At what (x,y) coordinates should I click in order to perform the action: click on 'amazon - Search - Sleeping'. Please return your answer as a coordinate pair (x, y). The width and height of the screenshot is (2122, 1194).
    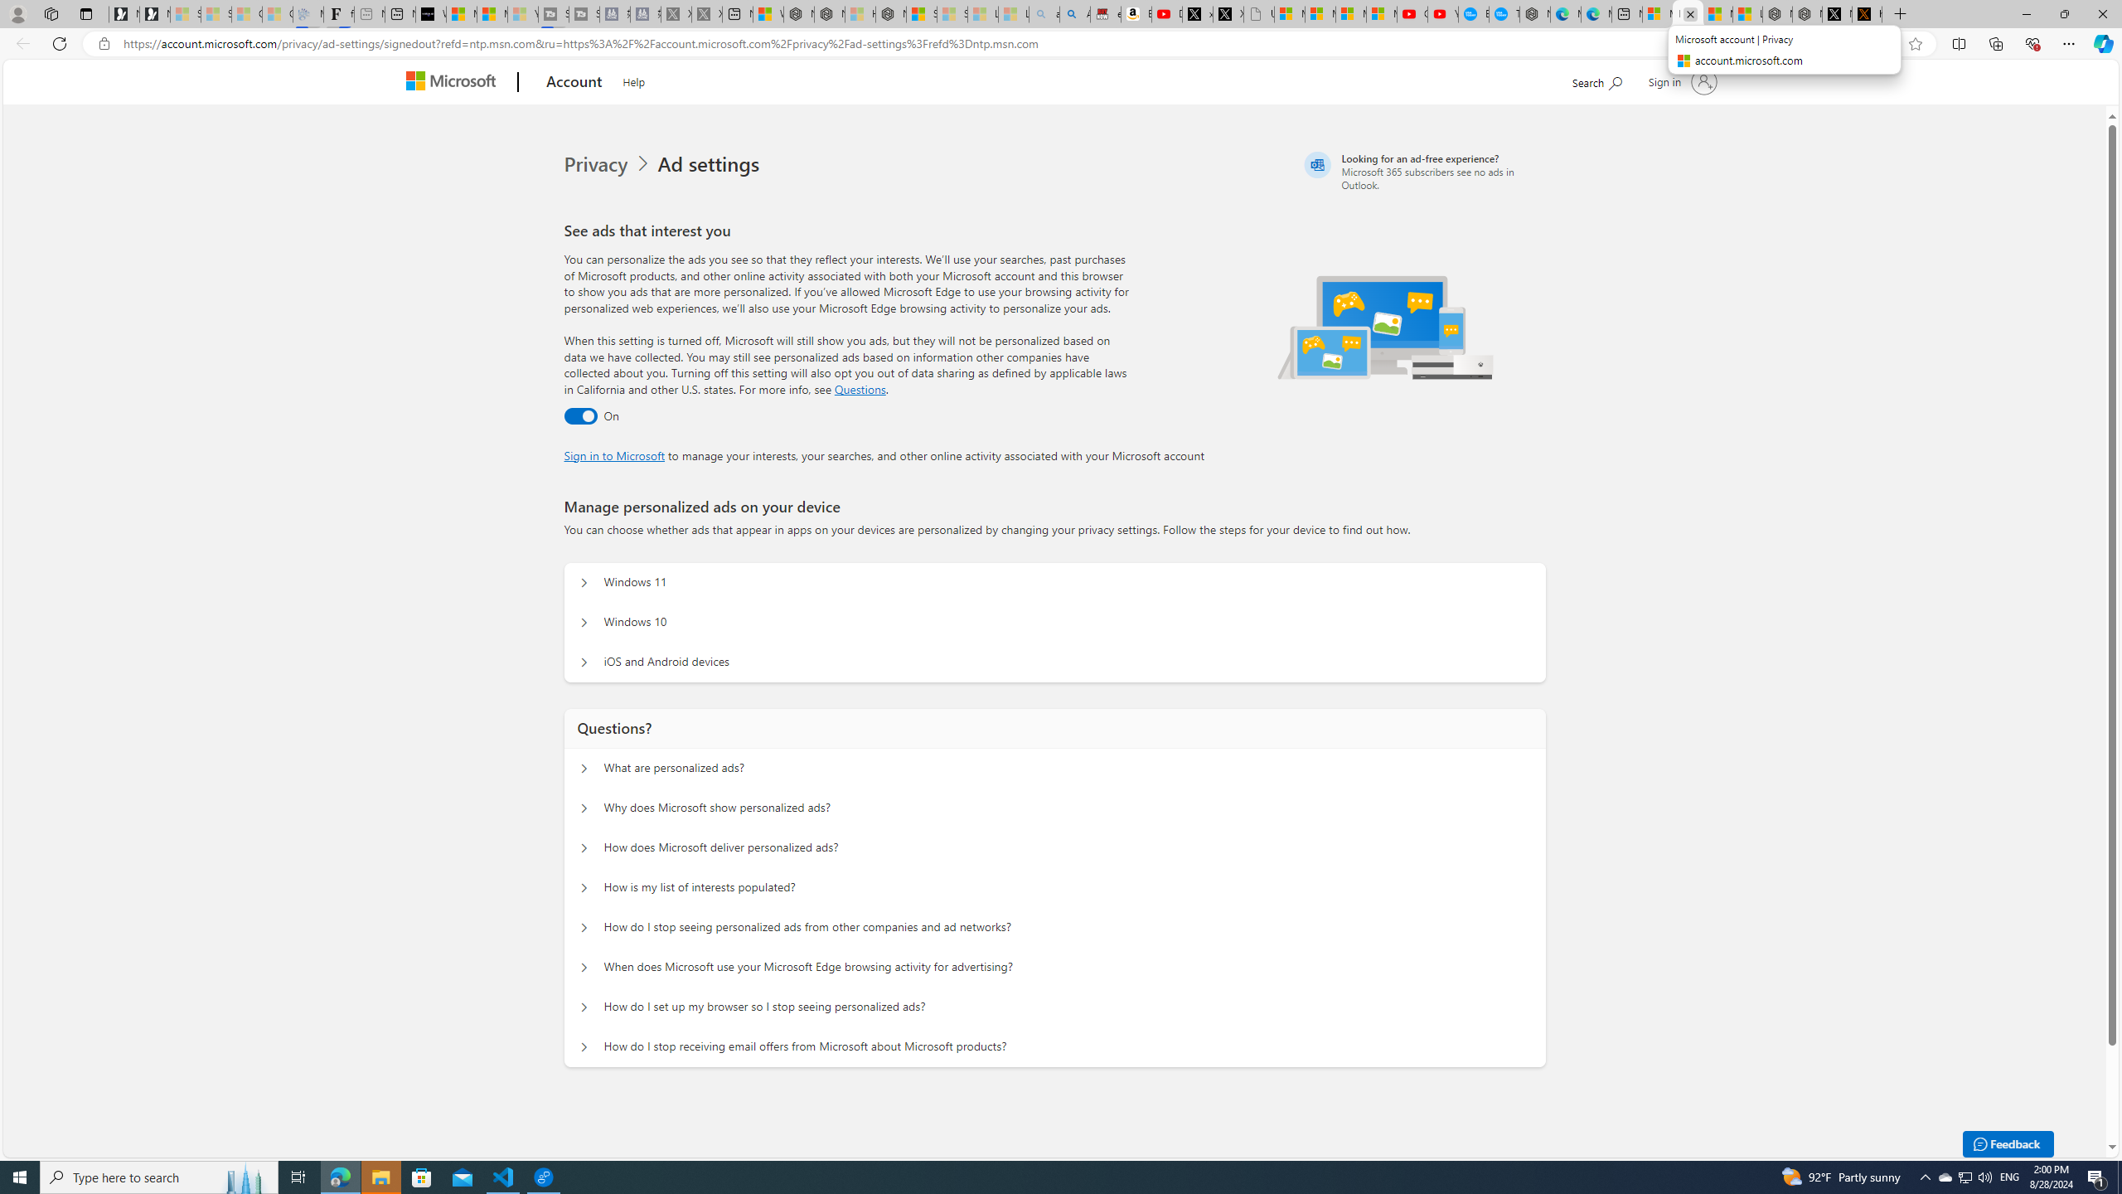
    Looking at the image, I should click on (1044, 13).